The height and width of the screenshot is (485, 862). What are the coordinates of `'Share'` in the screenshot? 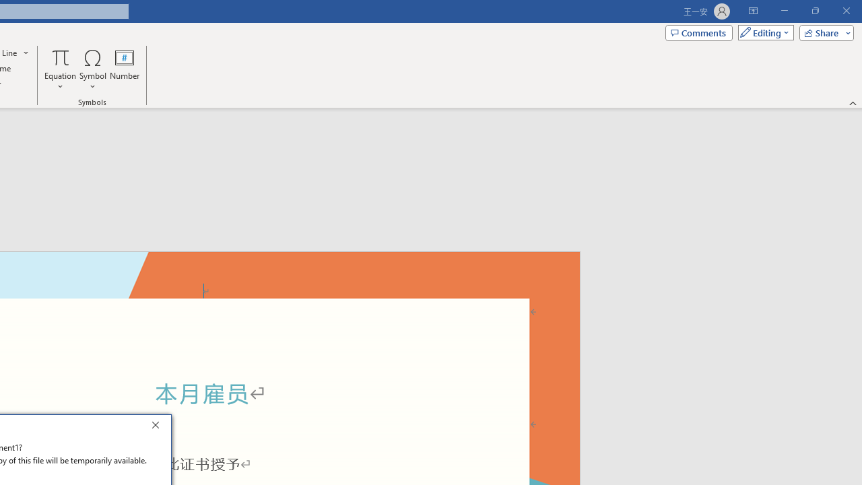 It's located at (823, 32).